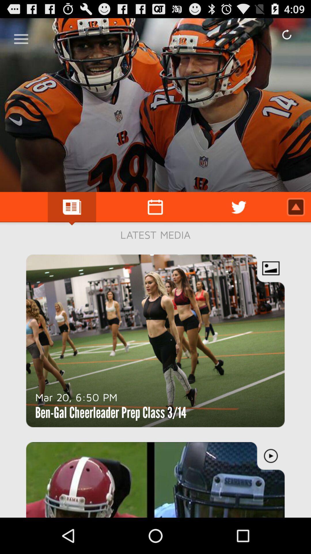 This screenshot has height=554, width=311. What do you see at coordinates (21, 37) in the screenshot?
I see `icon at the top left corner` at bounding box center [21, 37].